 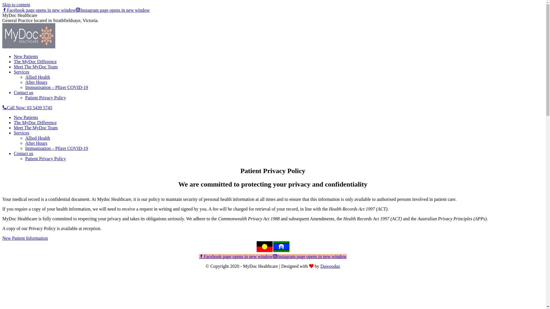 I want to click on 'Facebook page opens in new window', so click(x=38, y=10).